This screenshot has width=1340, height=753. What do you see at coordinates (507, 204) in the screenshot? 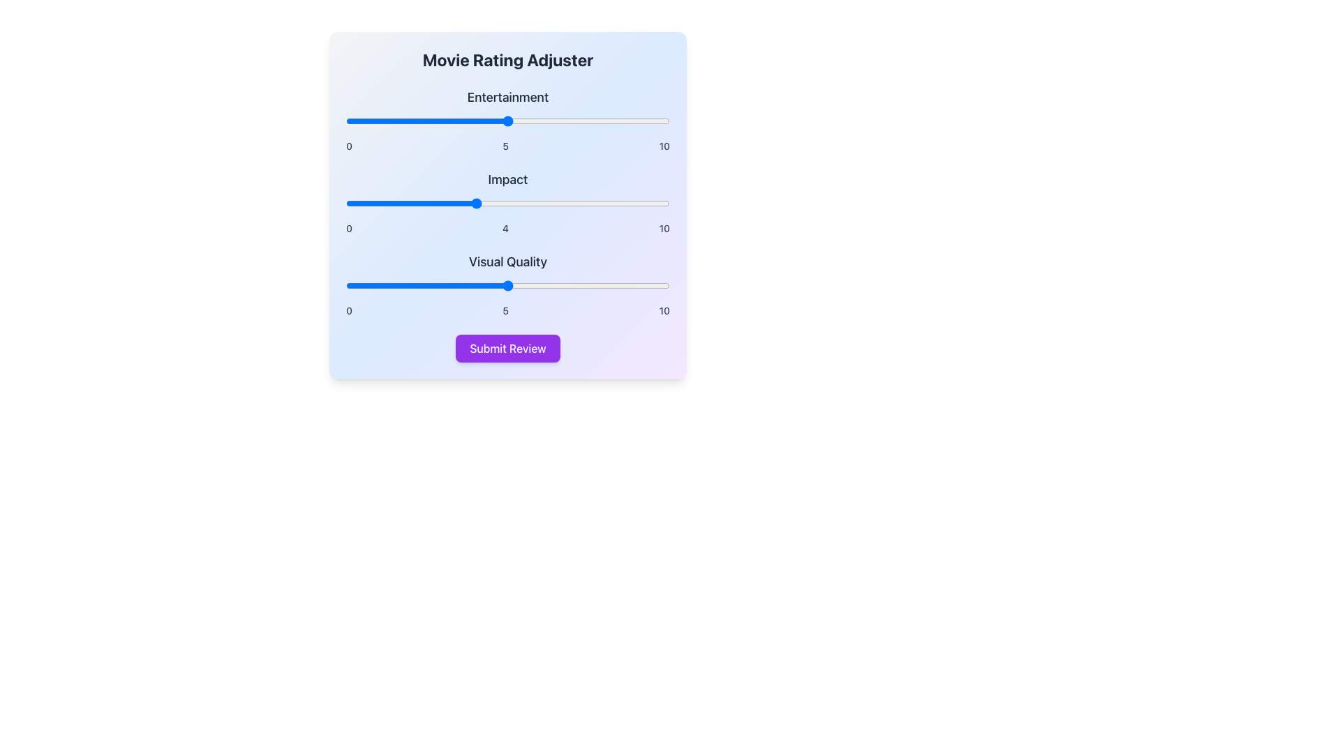
I see `the Impact slider value` at bounding box center [507, 204].